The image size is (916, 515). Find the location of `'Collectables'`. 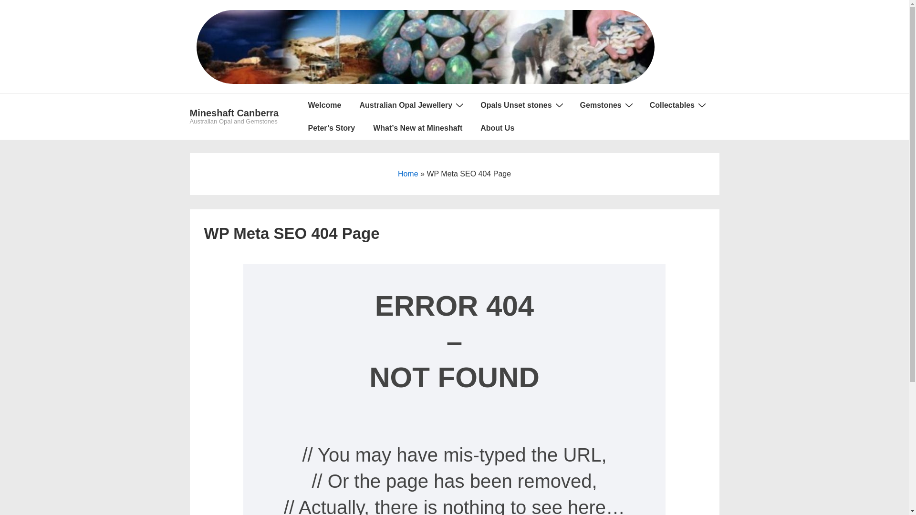

'Collectables' is located at coordinates (677, 105).